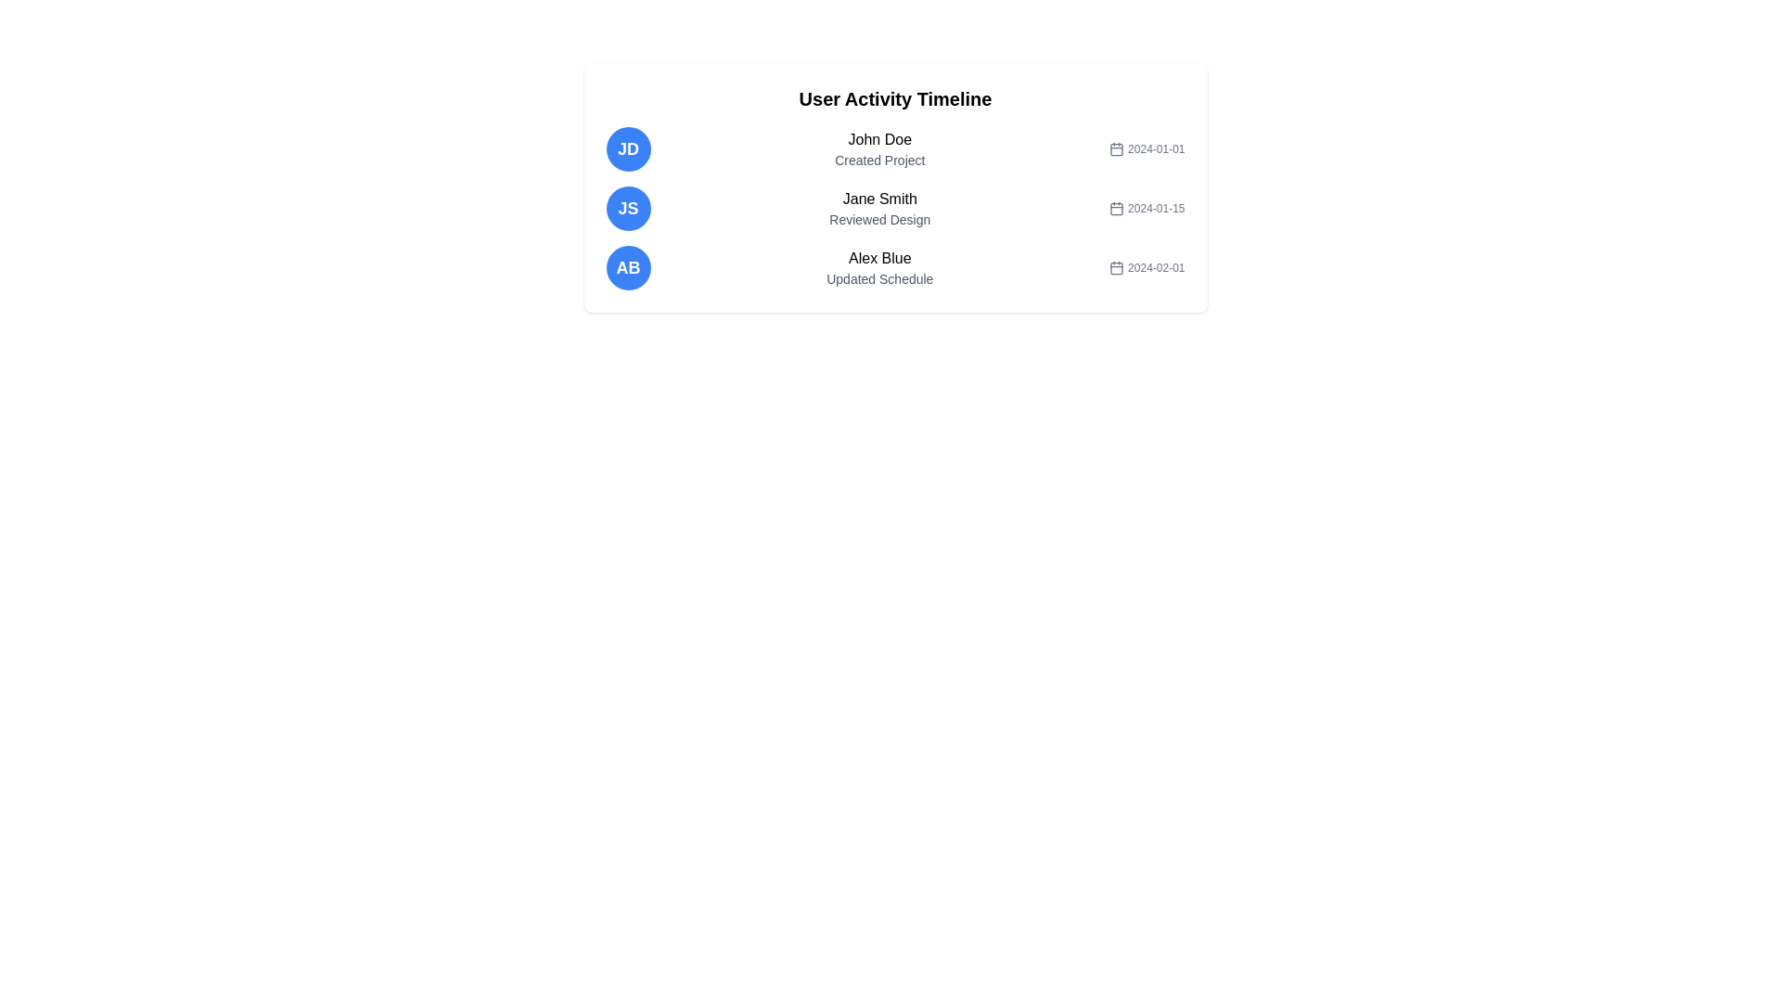 This screenshot has width=1781, height=1002. Describe the element at coordinates (878, 160) in the screenshot. I see `the text label displaying 'Created Project' which is a sub-label below 'John Doe'` at that location.